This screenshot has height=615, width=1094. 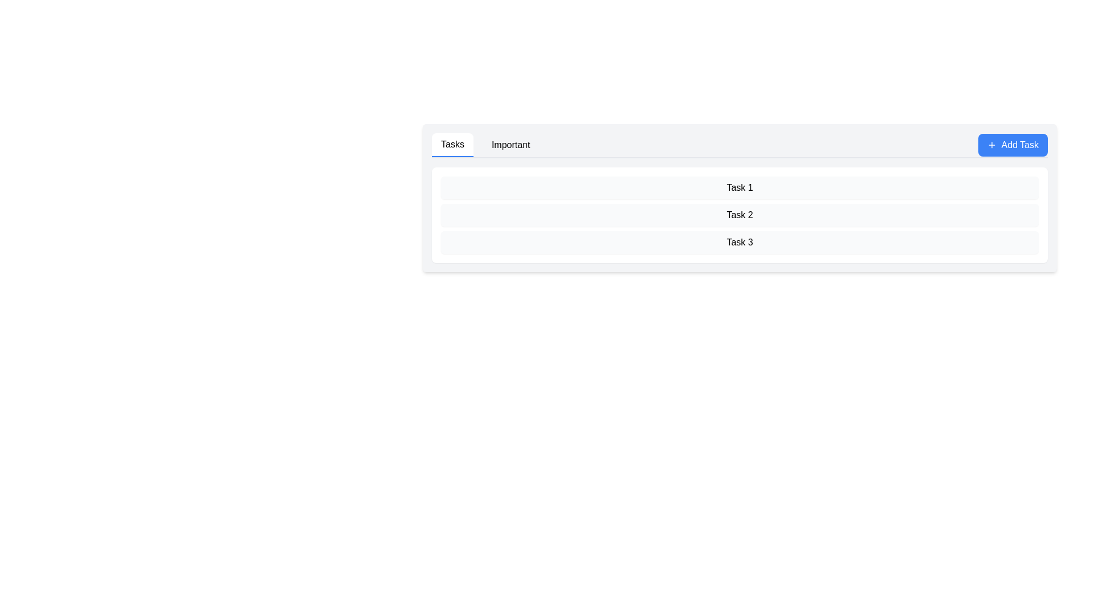 What do you see at coordinates (452, 144) in the screenshot?
I see `the 'Tasks' tab` at bounding box center [452, 144].